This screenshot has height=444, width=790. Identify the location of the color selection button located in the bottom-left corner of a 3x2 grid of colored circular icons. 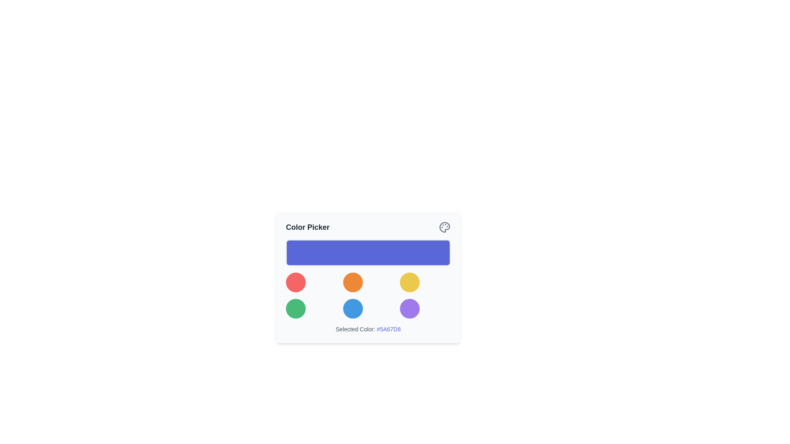
(296, 309).